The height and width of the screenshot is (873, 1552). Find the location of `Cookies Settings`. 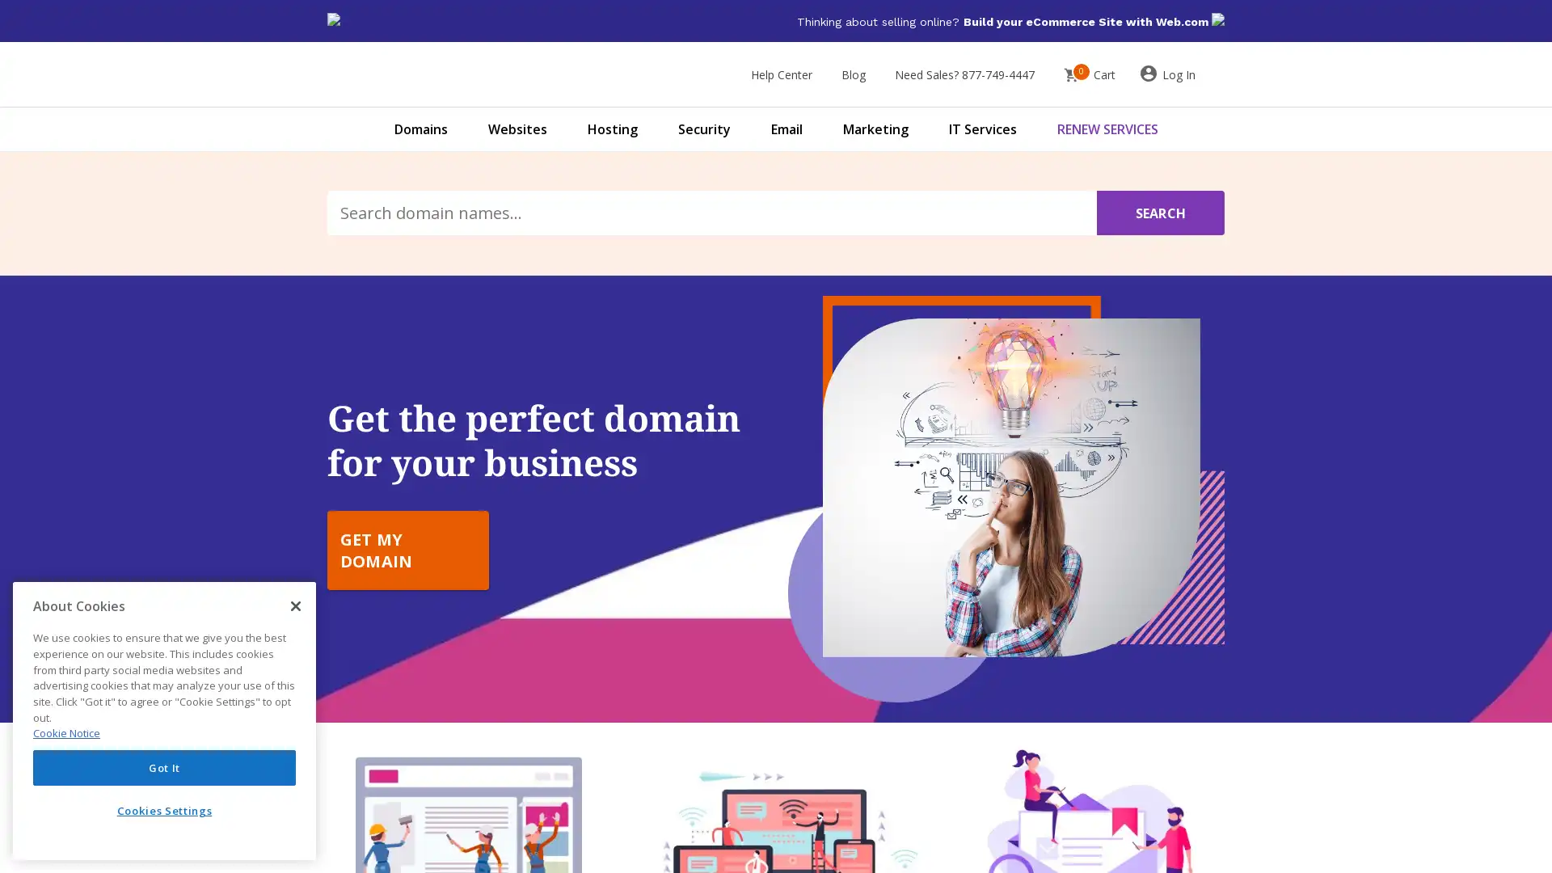

Cookies Settings is located at coordinates (164, 810).